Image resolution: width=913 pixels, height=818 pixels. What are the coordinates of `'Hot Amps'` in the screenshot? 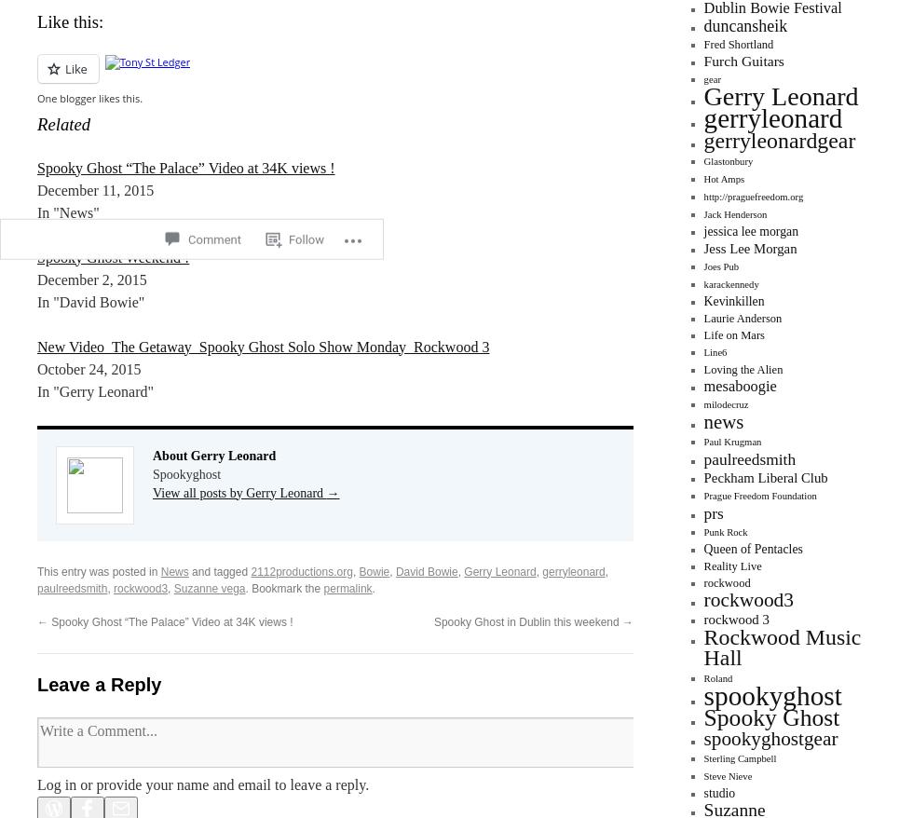 It's located at (702, 178).